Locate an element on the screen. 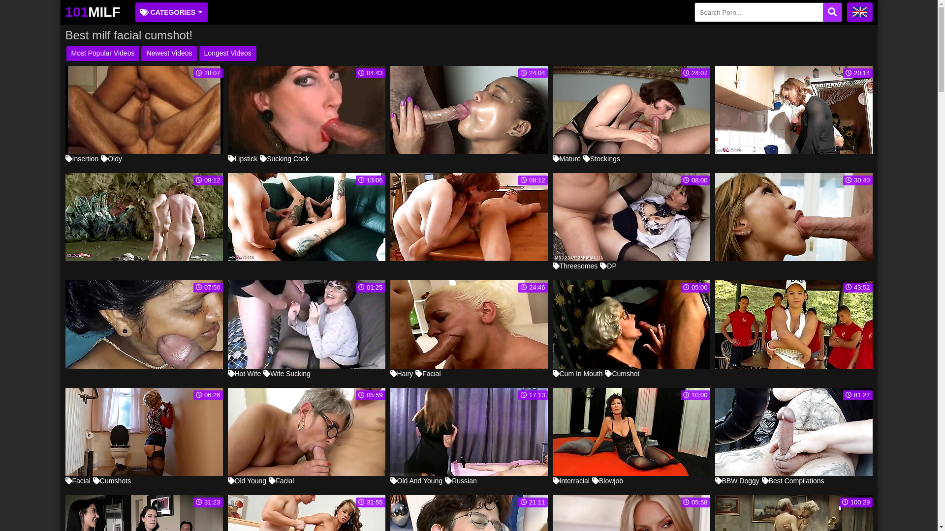 This screenshot has width=945, height=531. 'CATEGORIES' is located at coordinates (134, 12).